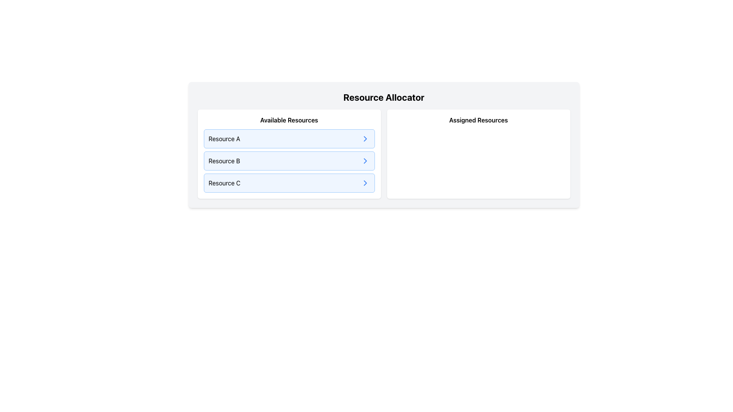  Describe the element at coordinates (289, 160) in the screenshot. I see `the second item in the vertical list of resources under the 'Available Resources' section in the left panel of the Resource Allocator area` at that location.